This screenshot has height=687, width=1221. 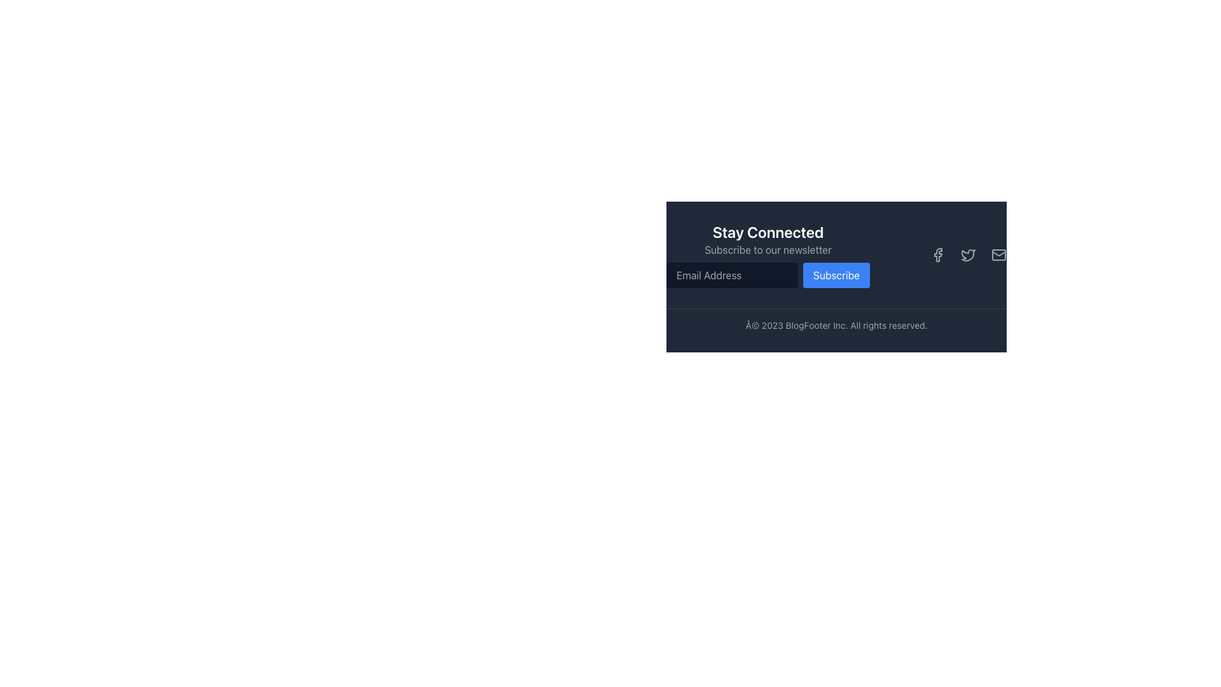 What do you see at coordinates (836, 274) in the screenshot?
I see `the subscription confirmation button located in the footer section, to the right of the 'Email Address' text input field` at bounding box center [836, 274].